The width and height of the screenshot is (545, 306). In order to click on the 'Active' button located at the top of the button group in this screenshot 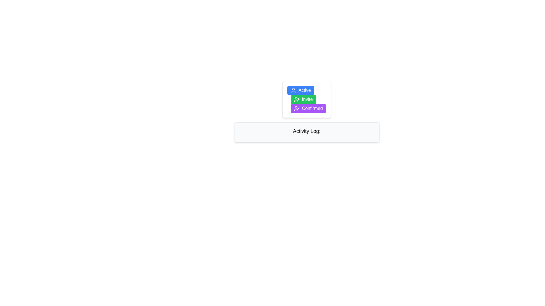, I will do `click(300, 90)`.